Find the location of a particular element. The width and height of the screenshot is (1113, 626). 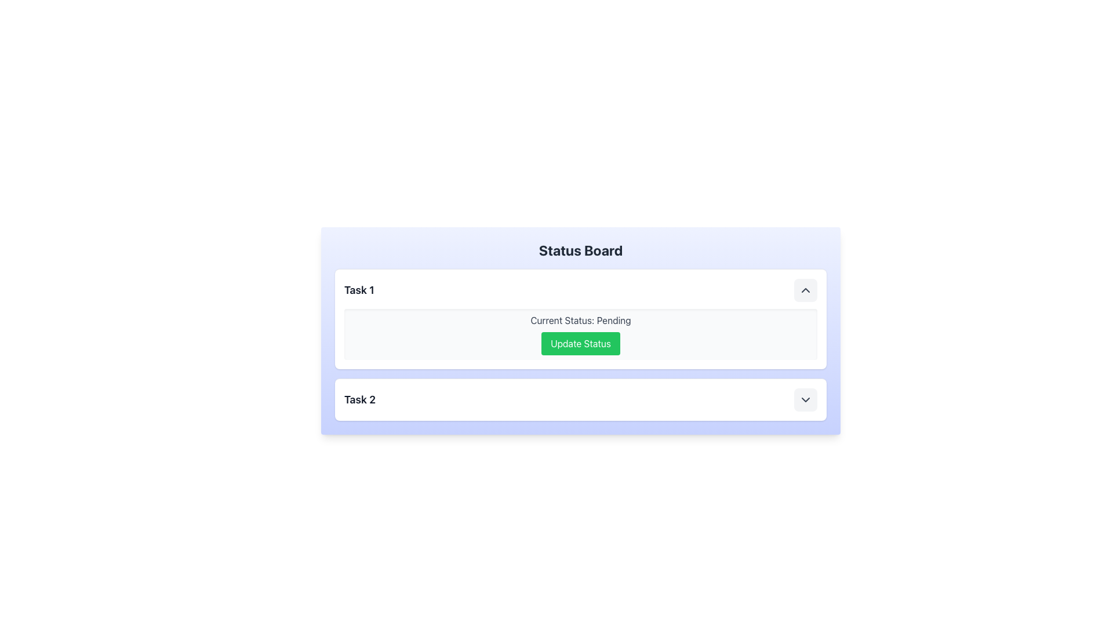

the button located below the 'Current Status: Pending' text in the 'Task 1' section to update the status of the task is located at coordinates (581, 343).